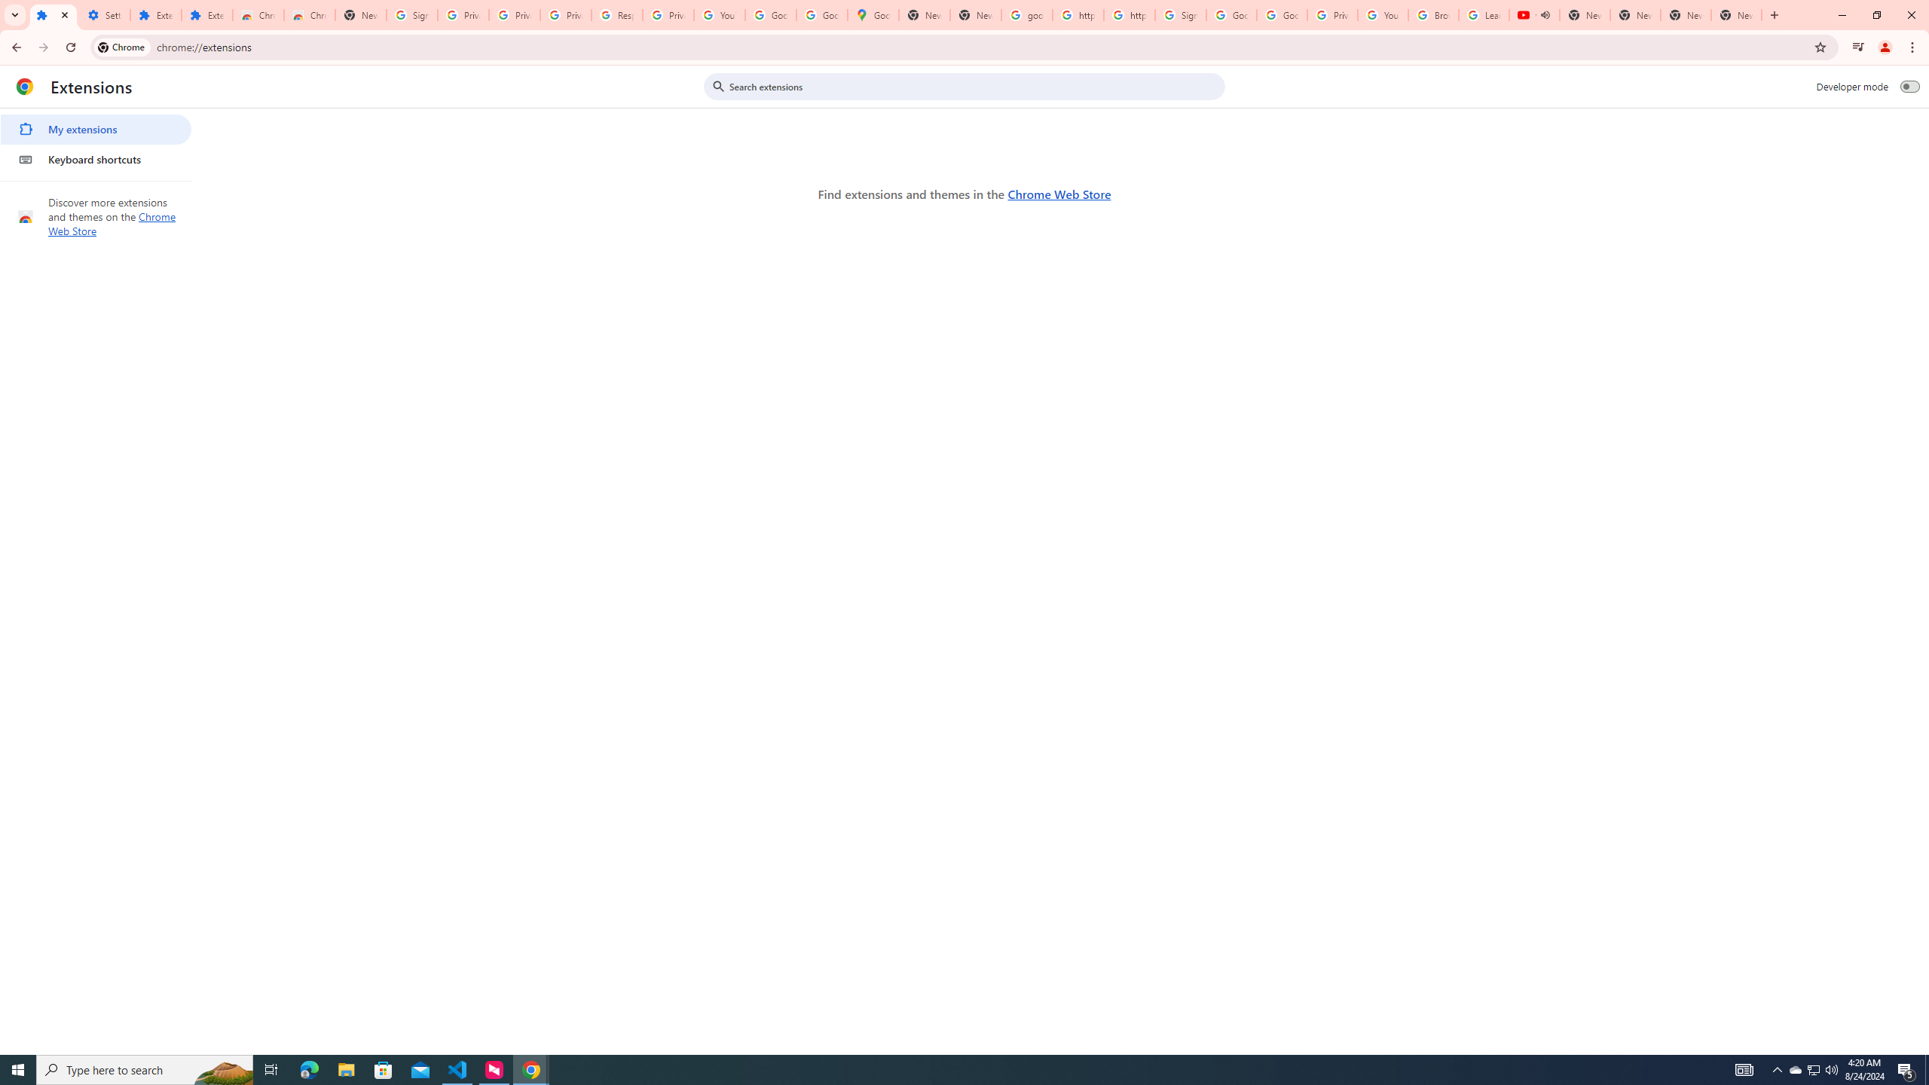  What do you see at coordinates (1179, 14) in the screenshot?
I see `'Sign in - Google Accounts'` at bounding box center [1179, 14].